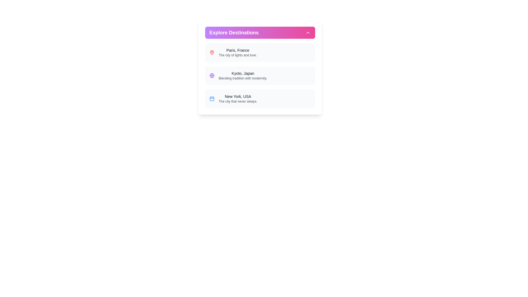 The width and height of the screenshot is (528, 297). What do you see at coordinates (238, 55) in the screenshot?
I see `the descriptive text label providing additional information about 'Paris, France', located below the sibling element displaying 'Paris, France' in the list card labeled 'Explore Destinations'` at bounding box center [238, 55].